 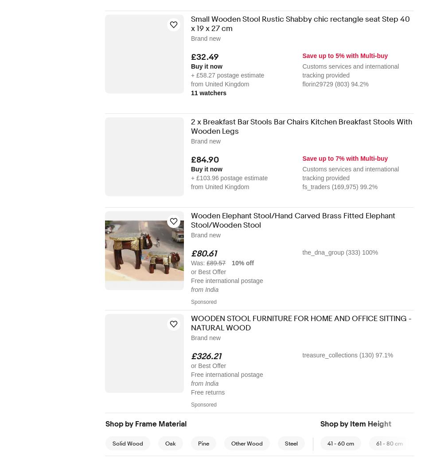 What do you see at coordinates (216, 262) in the screenshot?
I see `'£89.57'` at bounding box center [216, 262].